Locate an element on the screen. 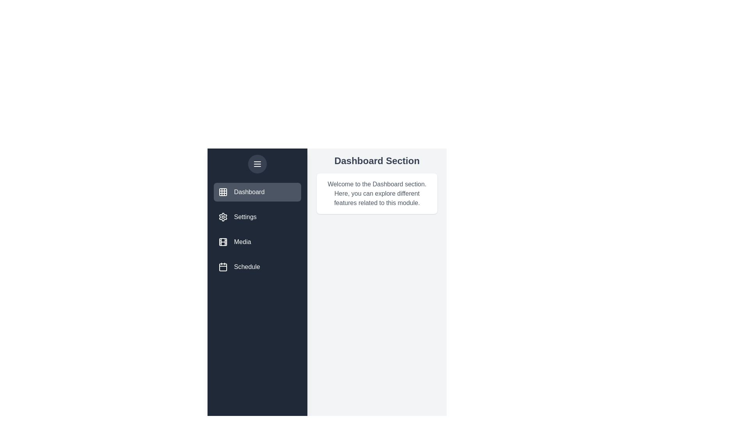 The width and height of the screenshot is (749, 421). the menu item corresponding to the section Dashboard to select it is located at coordinates (257, 192).